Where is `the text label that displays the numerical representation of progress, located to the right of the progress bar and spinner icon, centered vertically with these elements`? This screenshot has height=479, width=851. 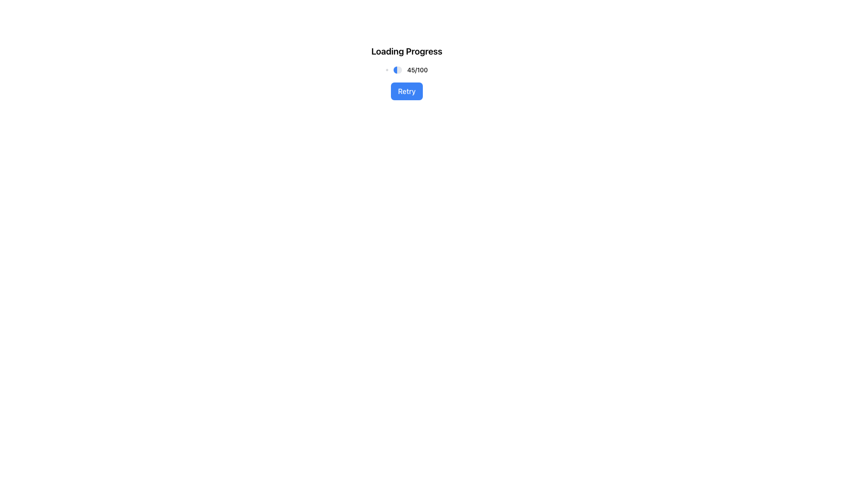
the text label that displays the numerical representation of progress, located to the right of the progress bar and spinner icon, centered vertically with these elements is located at coordinates (417, 70).